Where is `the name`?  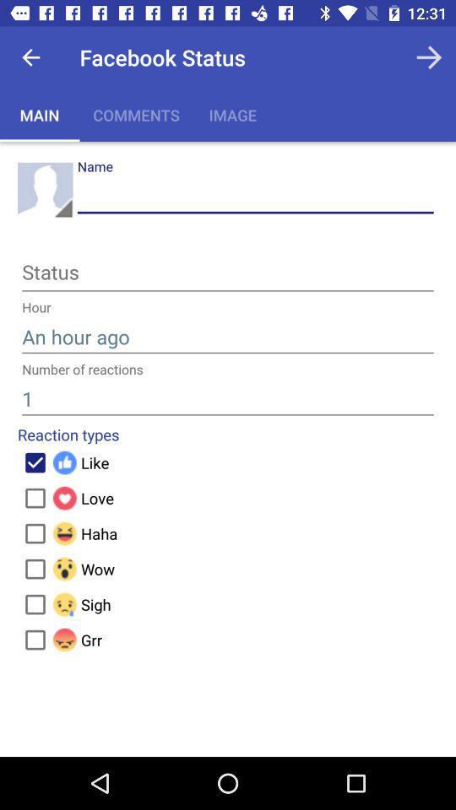
the name is located at coordinates (254, 196).